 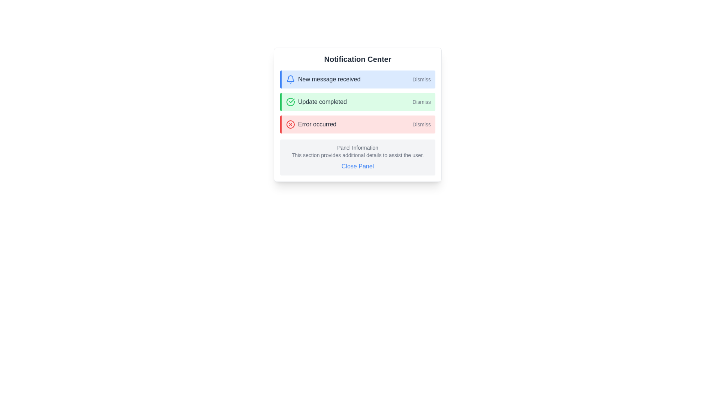 I want to click on the success indicator icon located to the left of the 'Update completed' text in the second notification row of the Notification Center, so click(x=291, y=100).